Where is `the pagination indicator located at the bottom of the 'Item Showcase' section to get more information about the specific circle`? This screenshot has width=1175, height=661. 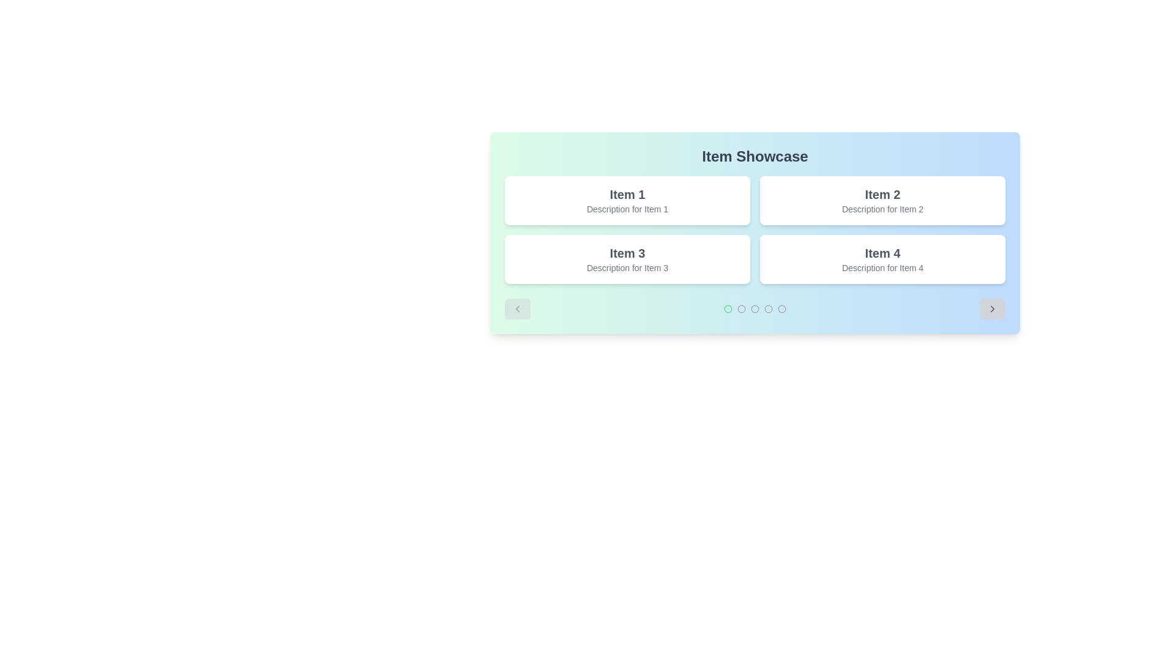 the pagination indicator located at the bottom of the 'Item Showcase' section to get more information about the specific circle is located at coordinates (754, 308).